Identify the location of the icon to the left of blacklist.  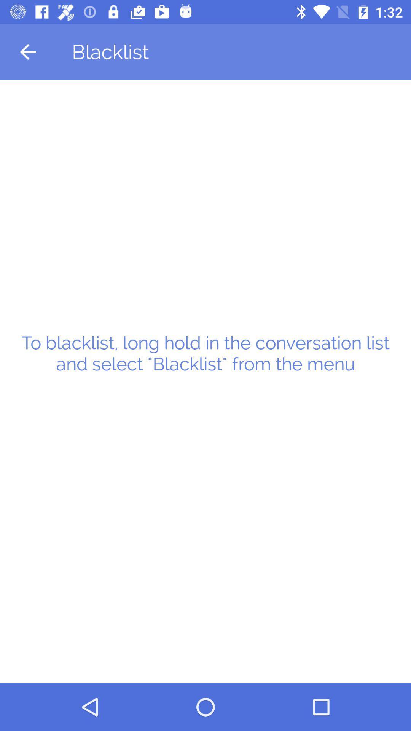
(27, 51).